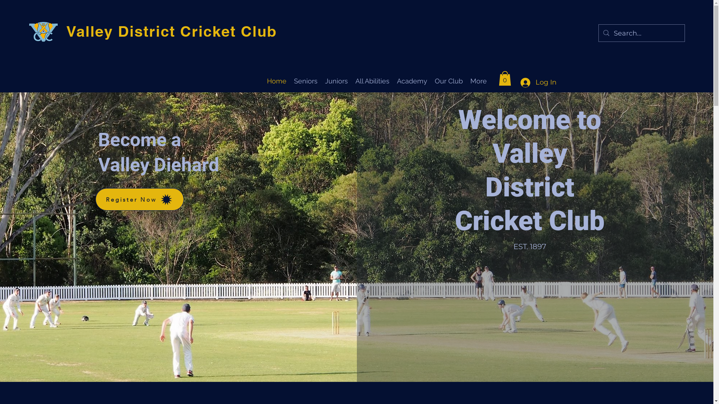 The height and width of the screenshot is (404, 719). Describe the element at coordinates (448, 80) in the screenshot. I see `'Our Club'` at that location.